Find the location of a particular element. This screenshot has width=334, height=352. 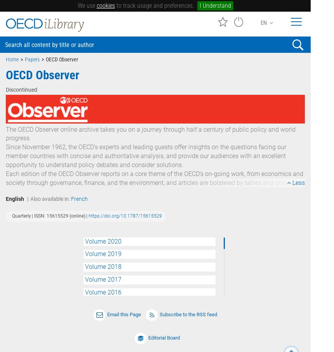

'Volume 2014' is located at coordinates (103, 317).